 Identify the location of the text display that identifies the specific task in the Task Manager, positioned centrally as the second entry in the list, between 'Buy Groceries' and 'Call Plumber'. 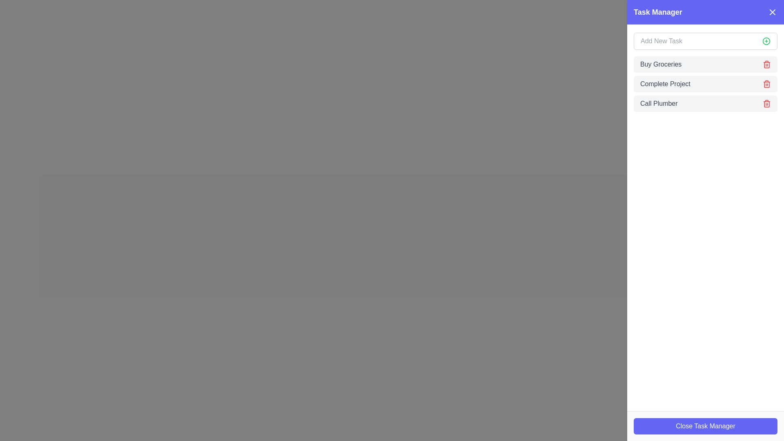
(665, 84).